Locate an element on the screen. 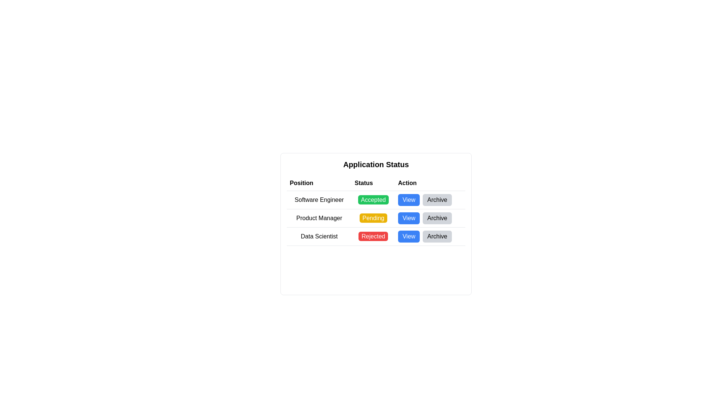  the Text label indicating a job position located in the second row under the 'Position' column of the table is located at coordinates (319, 218).